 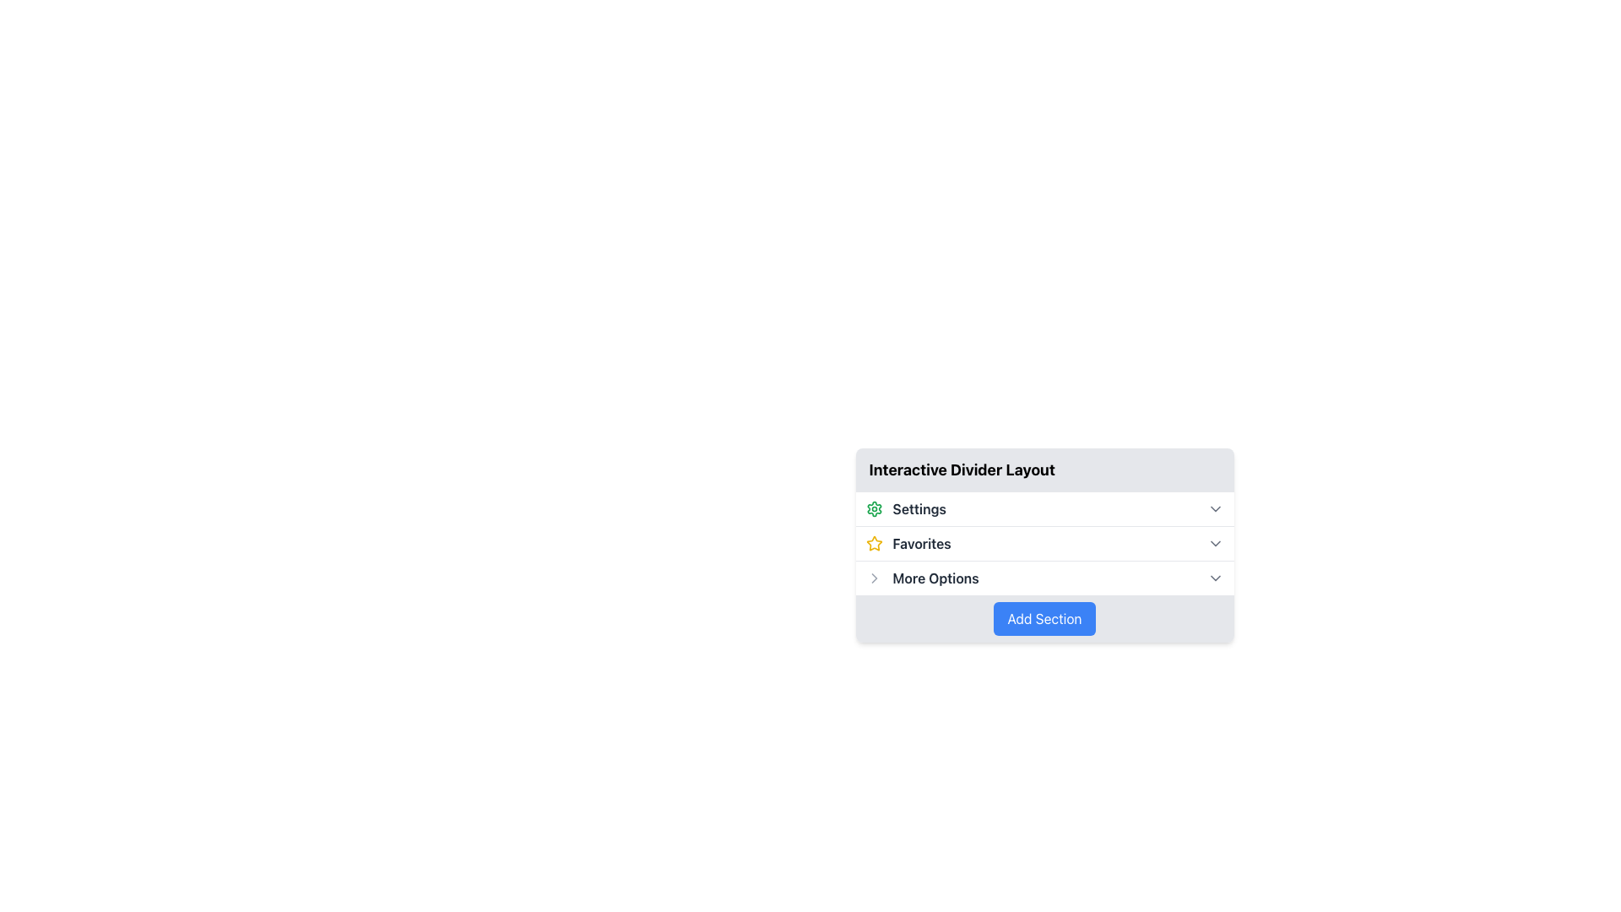 What do you see at coordinates (1214, 578) in the screenshot?
I see `the dropdown indicator icon located on the far-right side of the 'More Options' row to trigger a tooltip or highlight` at bounding box center [1214, 578].